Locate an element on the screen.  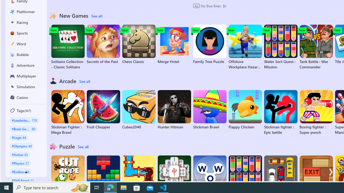
'#Logic 64' is located at coordinates (19, 137).